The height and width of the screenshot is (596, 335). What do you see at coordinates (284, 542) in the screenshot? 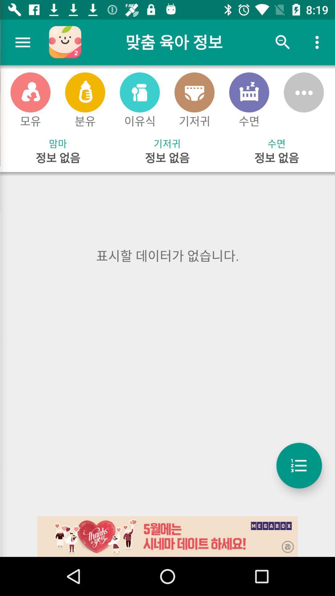
I see `the symbol which is below megabox` at bounding box center [284, 542].